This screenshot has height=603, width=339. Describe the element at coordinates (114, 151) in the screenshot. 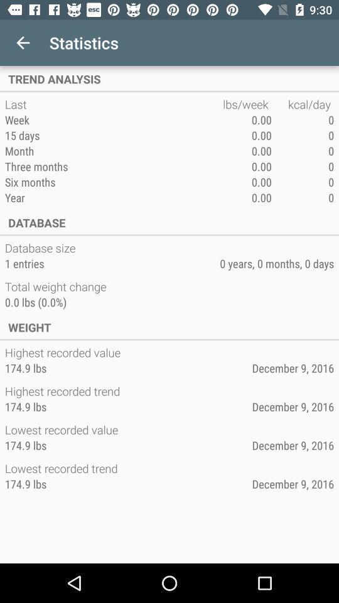

I see `the icon below 15 days item` at that location.